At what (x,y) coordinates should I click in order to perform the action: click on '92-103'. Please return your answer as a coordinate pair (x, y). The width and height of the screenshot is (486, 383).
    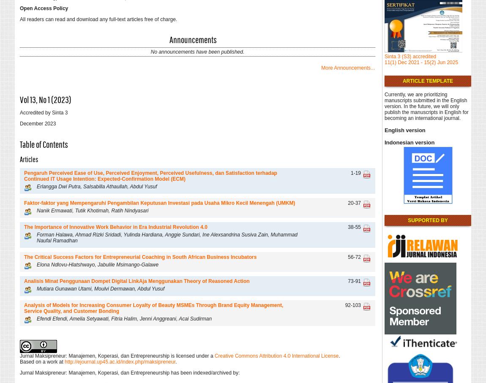
    Looking at the image, I should click on (344, 304).